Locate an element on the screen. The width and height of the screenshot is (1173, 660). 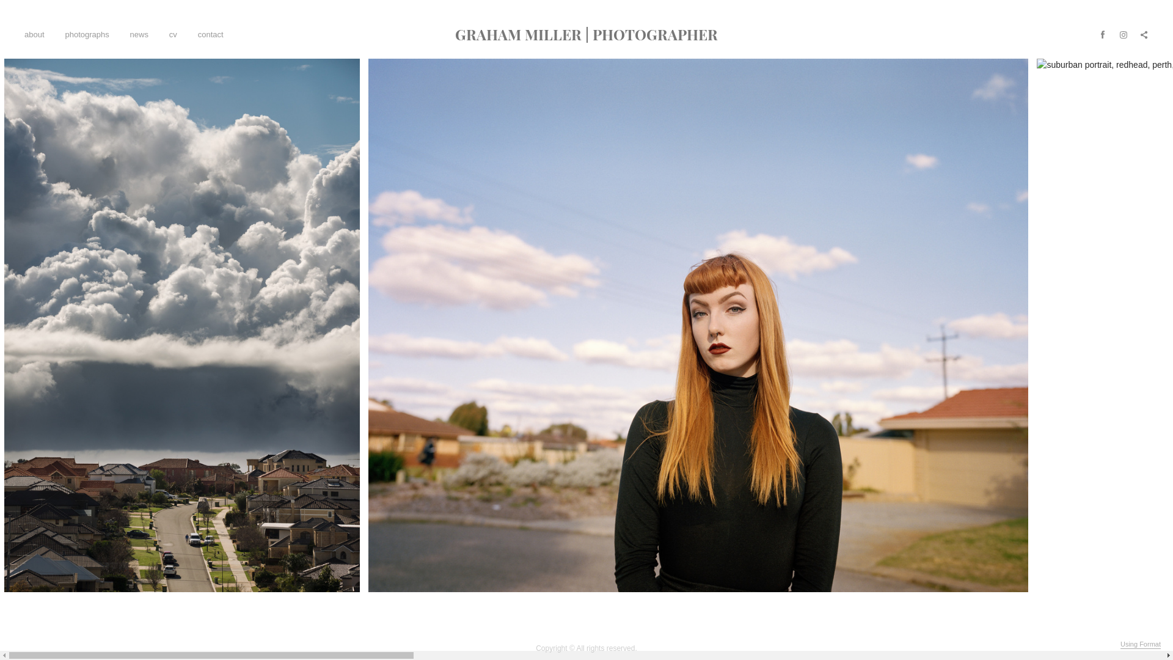
'contact' is located at coordinates (211, 34).